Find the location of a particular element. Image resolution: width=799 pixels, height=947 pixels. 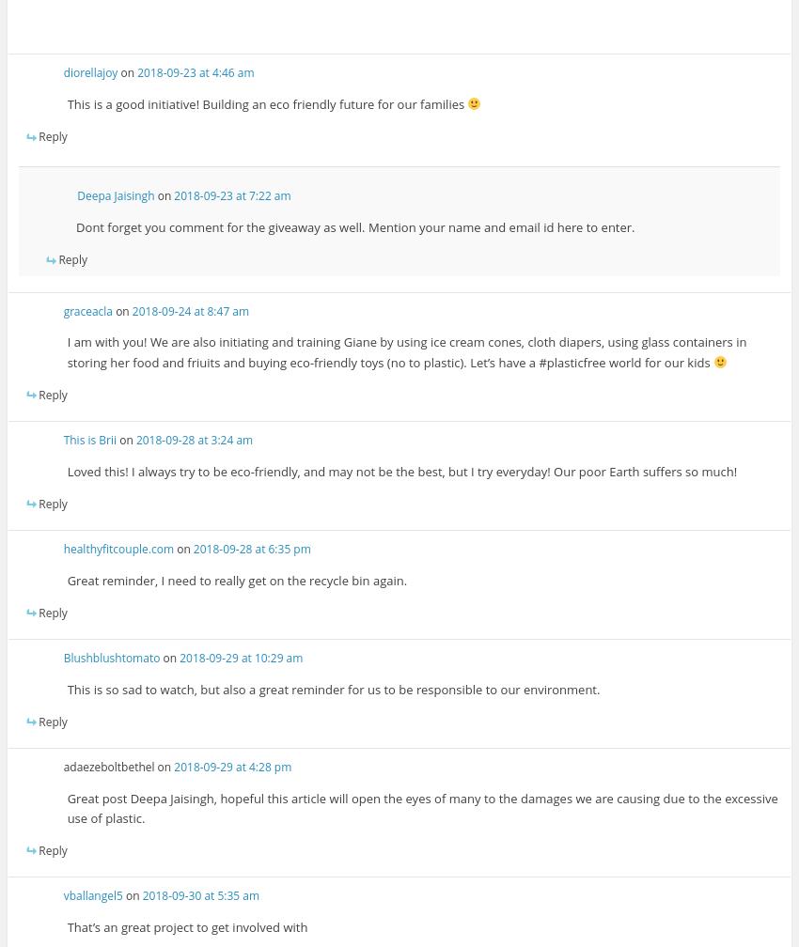

'2018-09-24 at 8:47 am' is located at coordinates (189, 310).